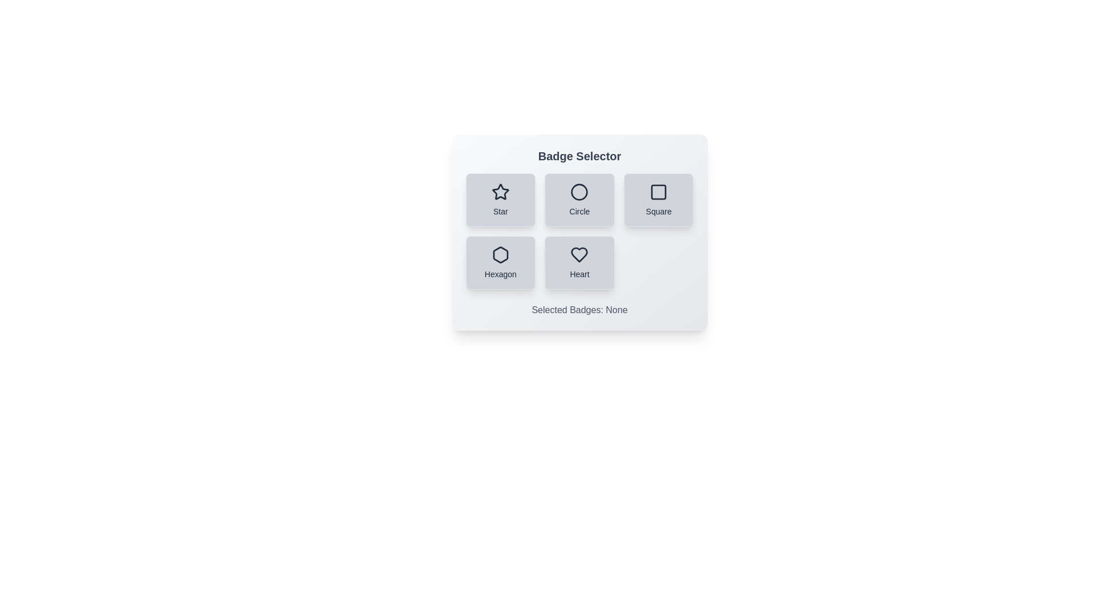  What do you see at coordinates (500, 200) in the screenshot?
I see `the badge button labeled Star to observe its visual feedback` at bounding box center [500, 200].